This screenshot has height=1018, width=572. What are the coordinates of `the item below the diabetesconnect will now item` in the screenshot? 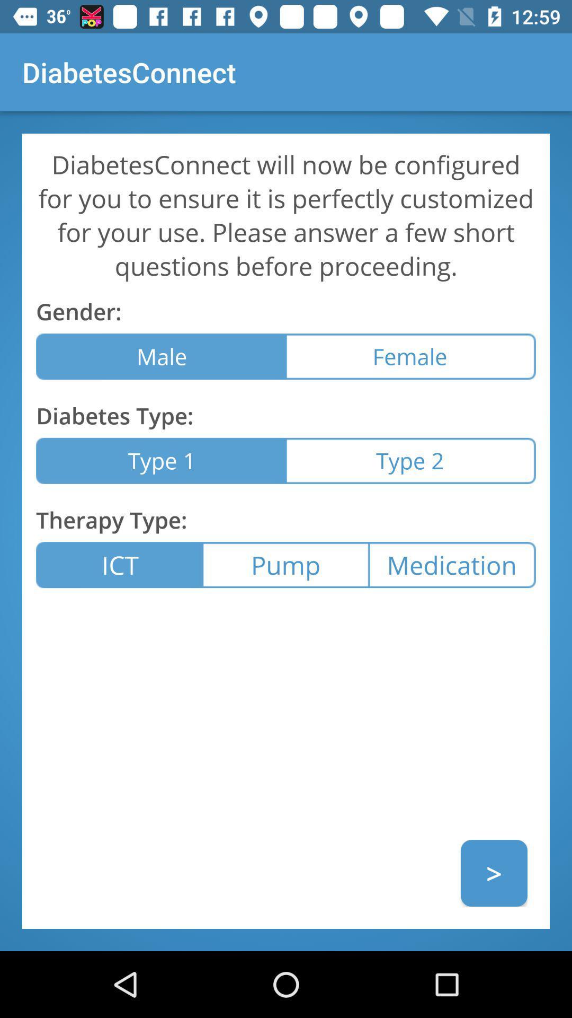 It's located at (410, 356).